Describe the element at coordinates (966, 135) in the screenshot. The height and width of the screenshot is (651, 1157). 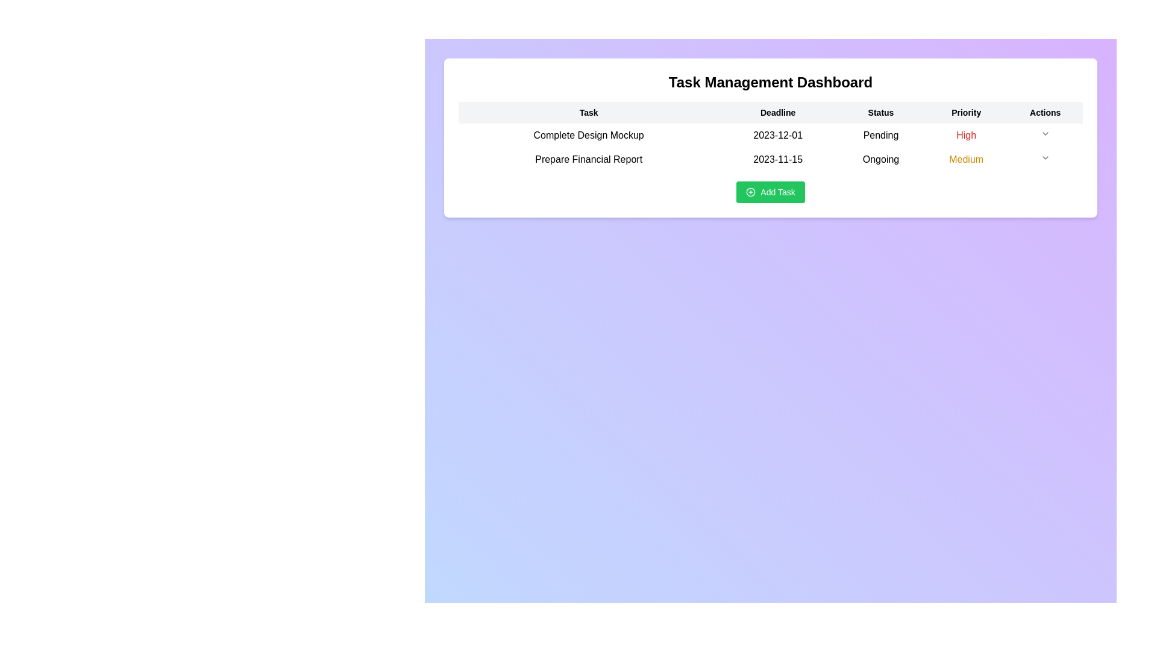
I see `the text label displaying 'High' in red color located in the 'Priority' column of the task table` at that location.